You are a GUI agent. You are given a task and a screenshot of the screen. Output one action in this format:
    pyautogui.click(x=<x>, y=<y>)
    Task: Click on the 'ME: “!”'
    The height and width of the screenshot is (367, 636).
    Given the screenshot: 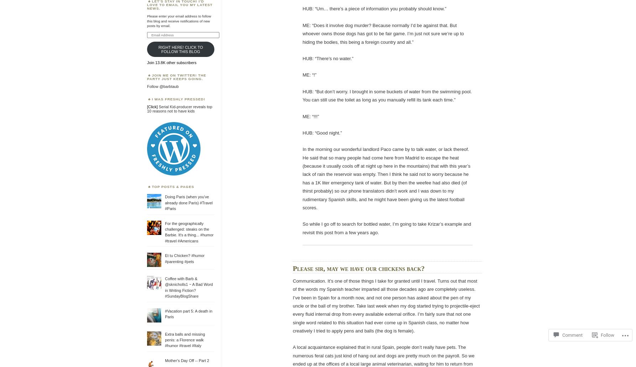 What is the action you would take?
    pyautogui.click(x=309, y=75)
    